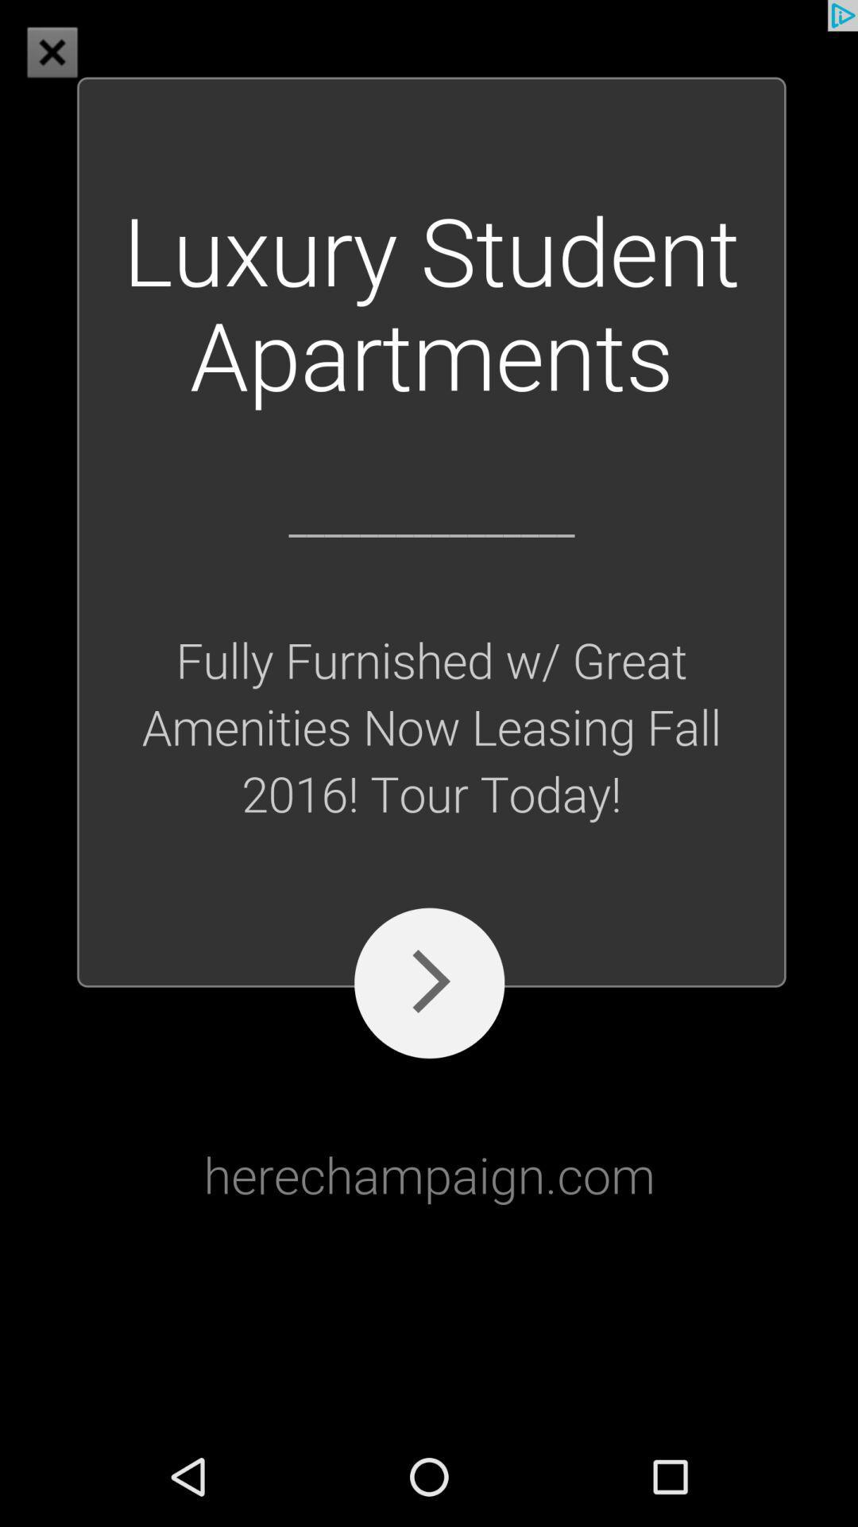  Describe the element at coordinates (51, 56) in the screenshot. I see `the close icon` at that location.